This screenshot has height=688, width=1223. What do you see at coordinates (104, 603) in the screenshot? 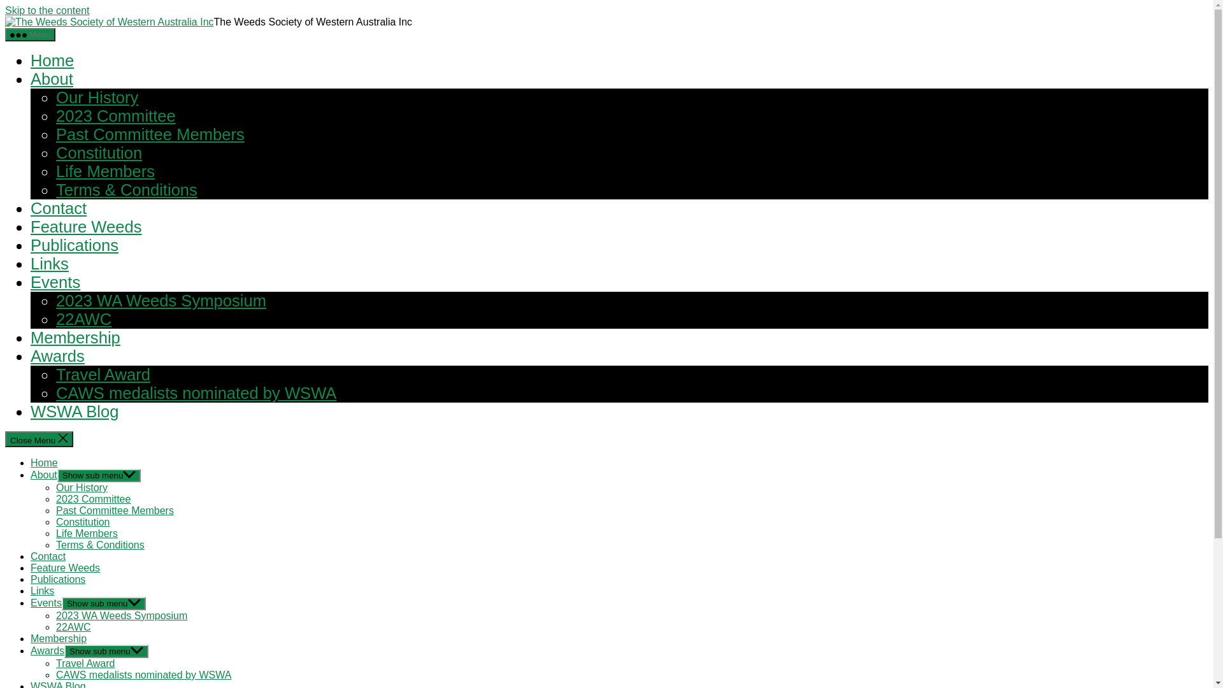
I see `'Show sub menu'` at bounding box center [104, 603].